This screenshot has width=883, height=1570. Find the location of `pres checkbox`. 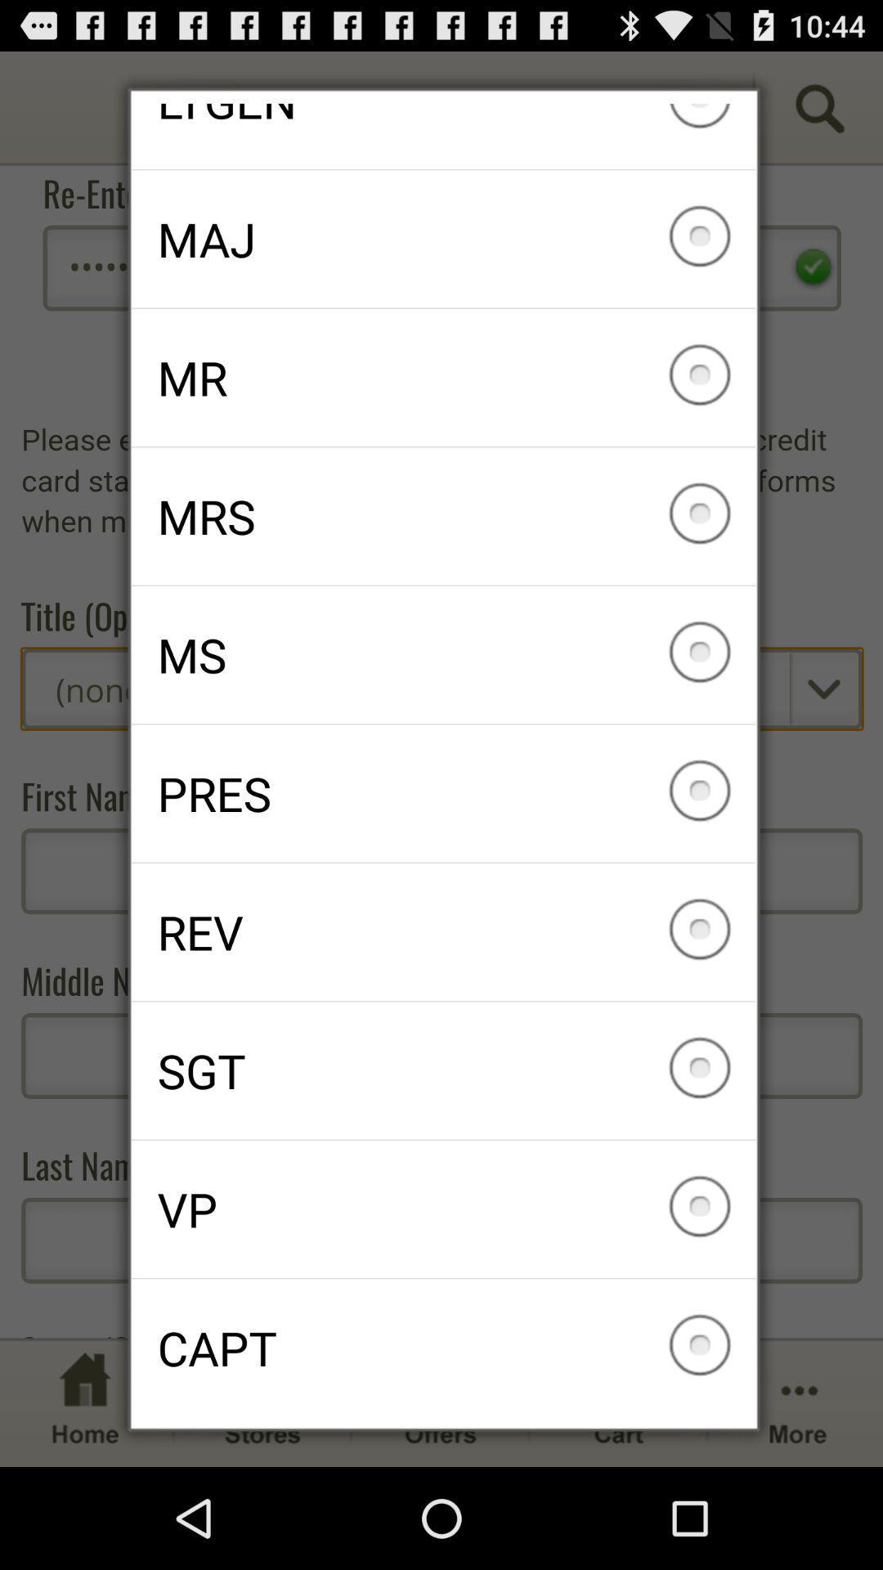

pres checkbox is located at coordinates (443, 793).